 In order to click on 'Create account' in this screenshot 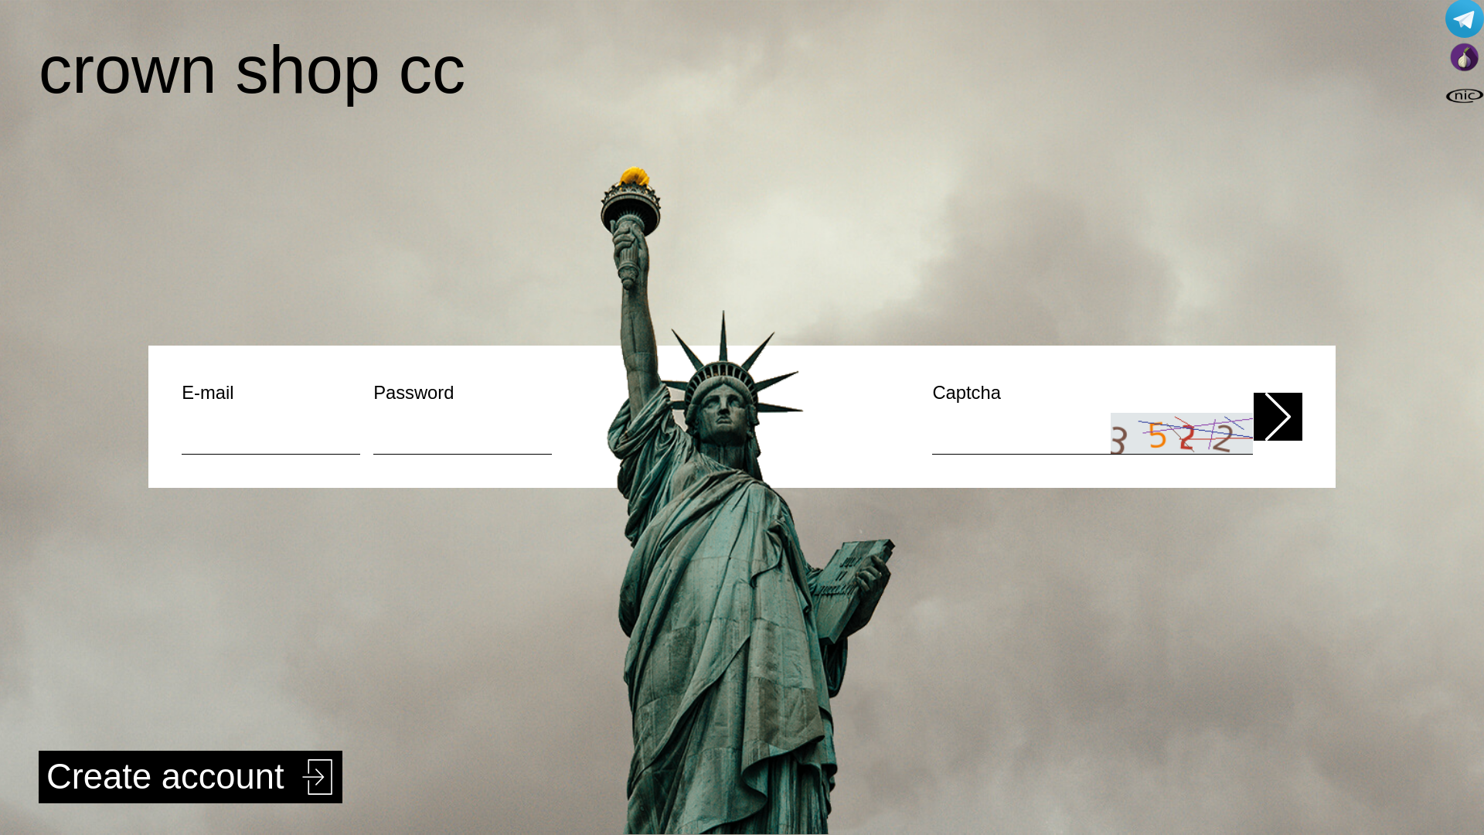, I will do `click(189, 777)`.